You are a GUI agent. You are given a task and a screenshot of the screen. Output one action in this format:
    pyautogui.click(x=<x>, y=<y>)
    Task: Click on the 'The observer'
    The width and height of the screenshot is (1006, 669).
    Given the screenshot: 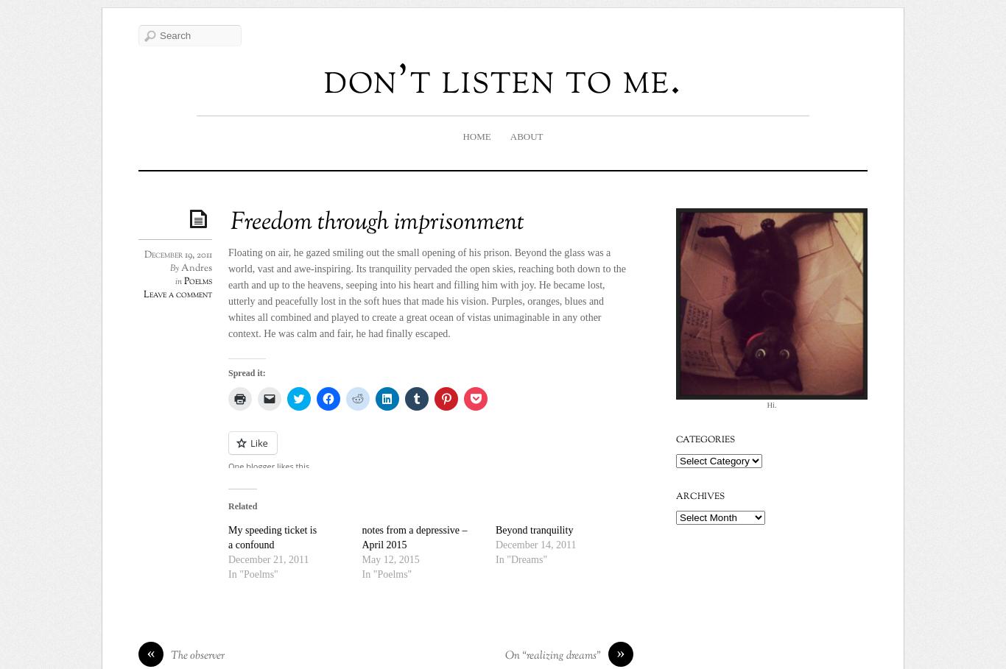 What is the action you would take?
    pyautogui.click(x=197, y=656)
    